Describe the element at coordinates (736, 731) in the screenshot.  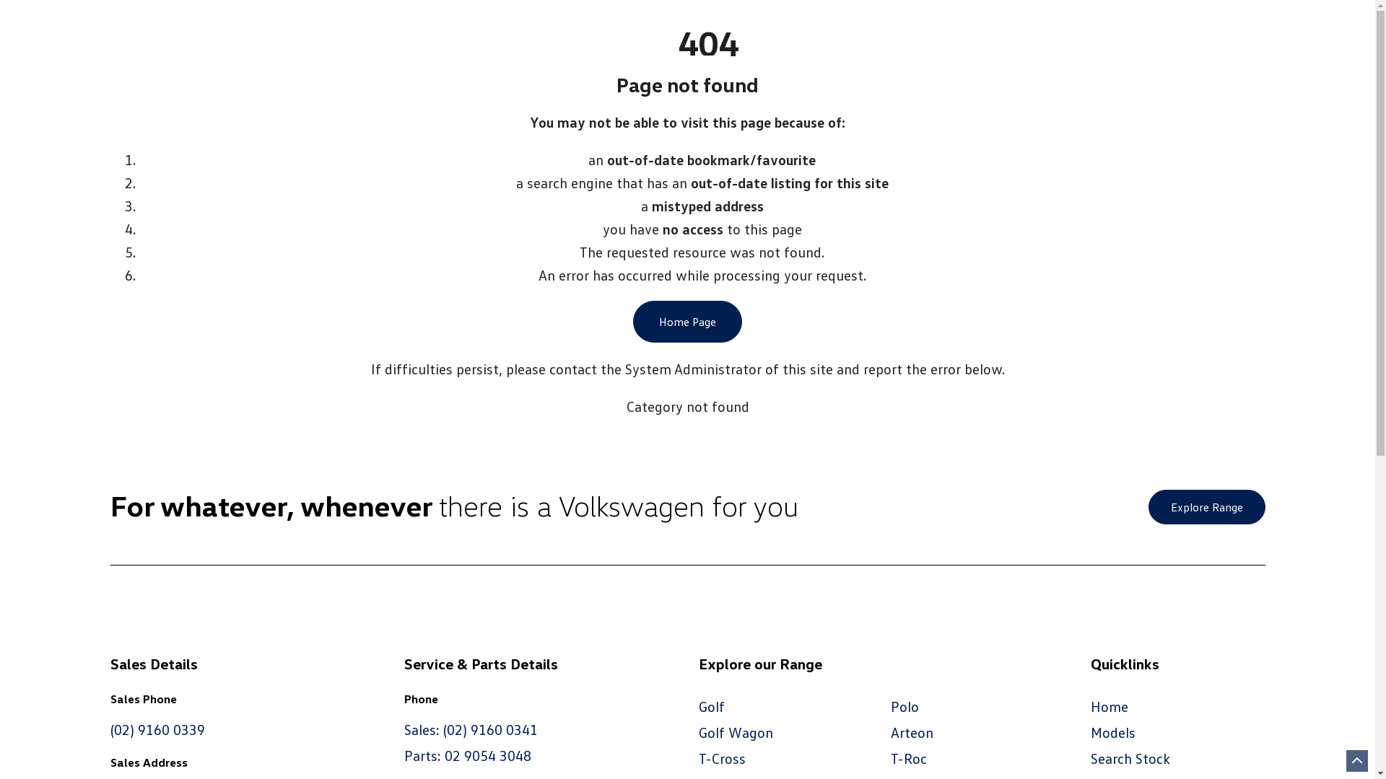
I see `'Golf Wagon'` at that location.